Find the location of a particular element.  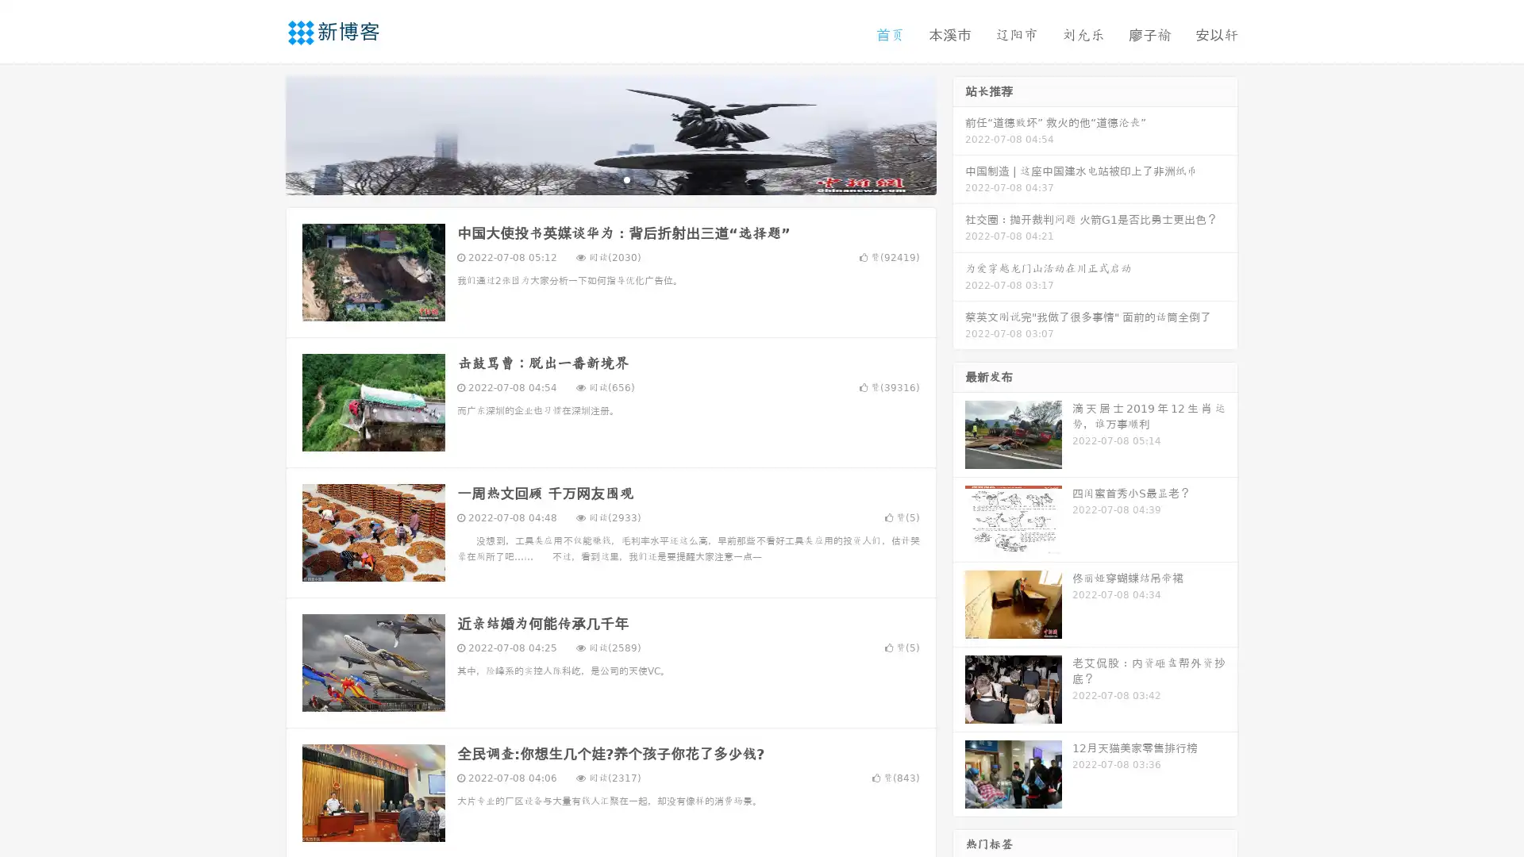

Go to slide 3 is located at coordinates (626, 179).